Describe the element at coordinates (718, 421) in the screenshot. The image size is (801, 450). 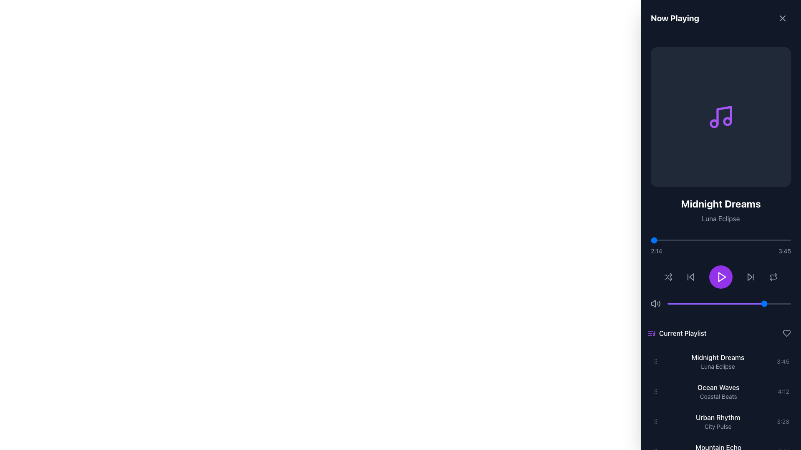
I see `the fourth item` at that location.